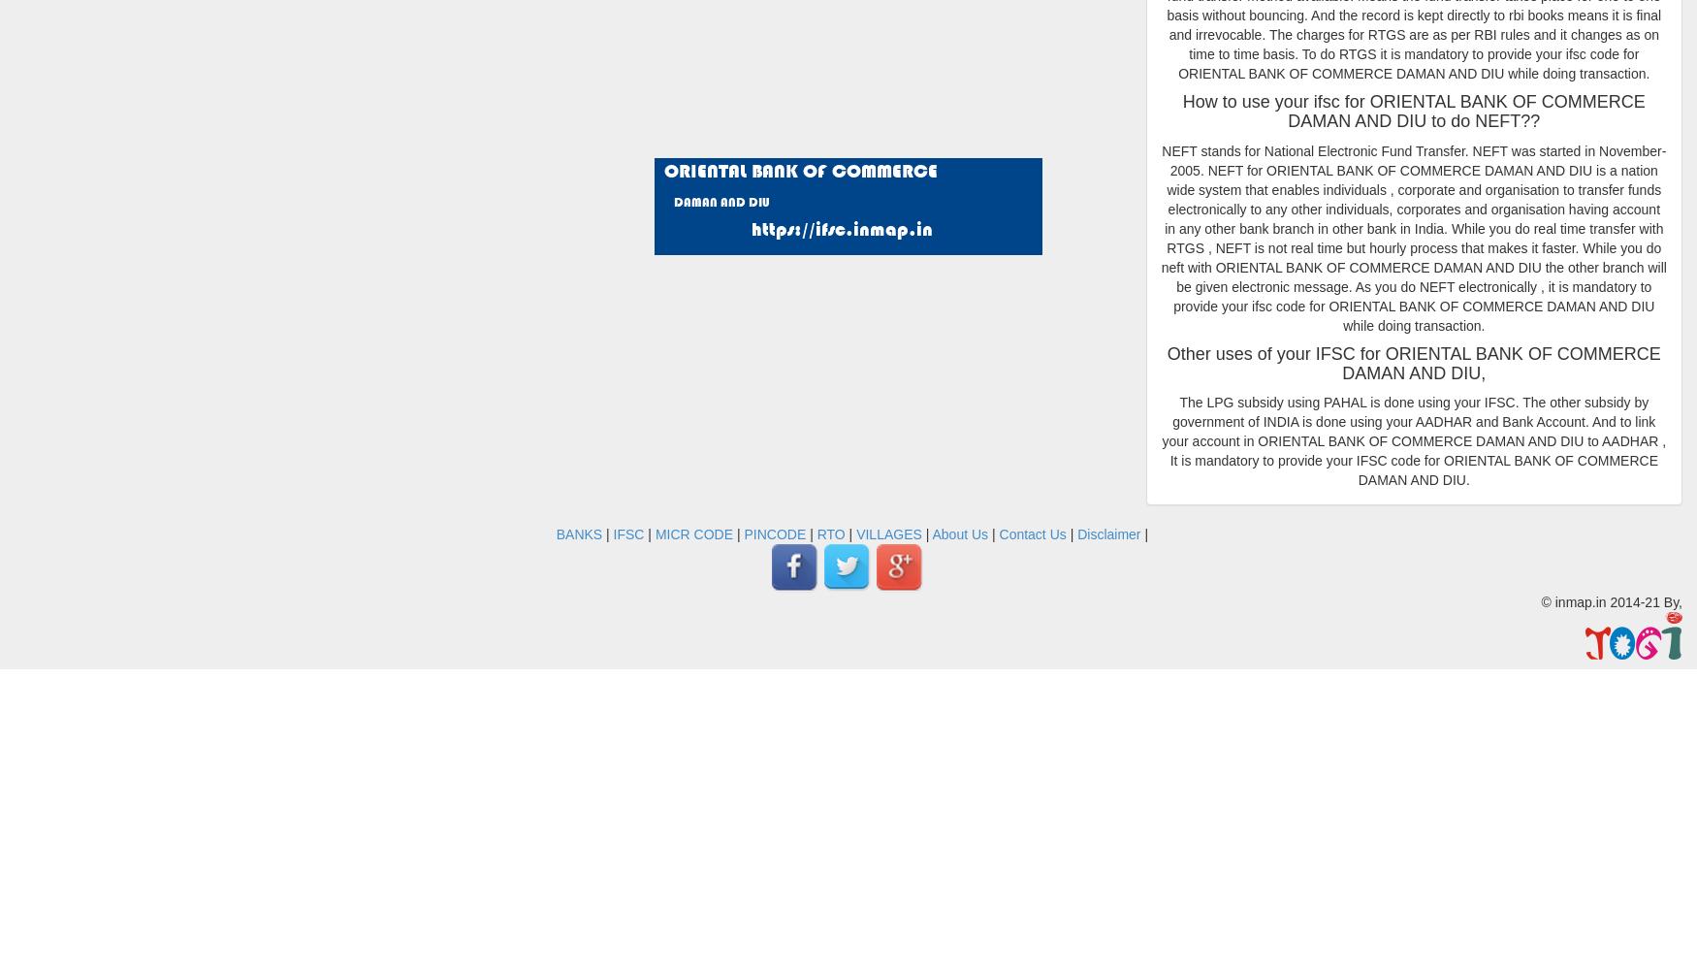 The image size is (1697, 970). I want to click on 'VILLAGES', so click(887, 534).